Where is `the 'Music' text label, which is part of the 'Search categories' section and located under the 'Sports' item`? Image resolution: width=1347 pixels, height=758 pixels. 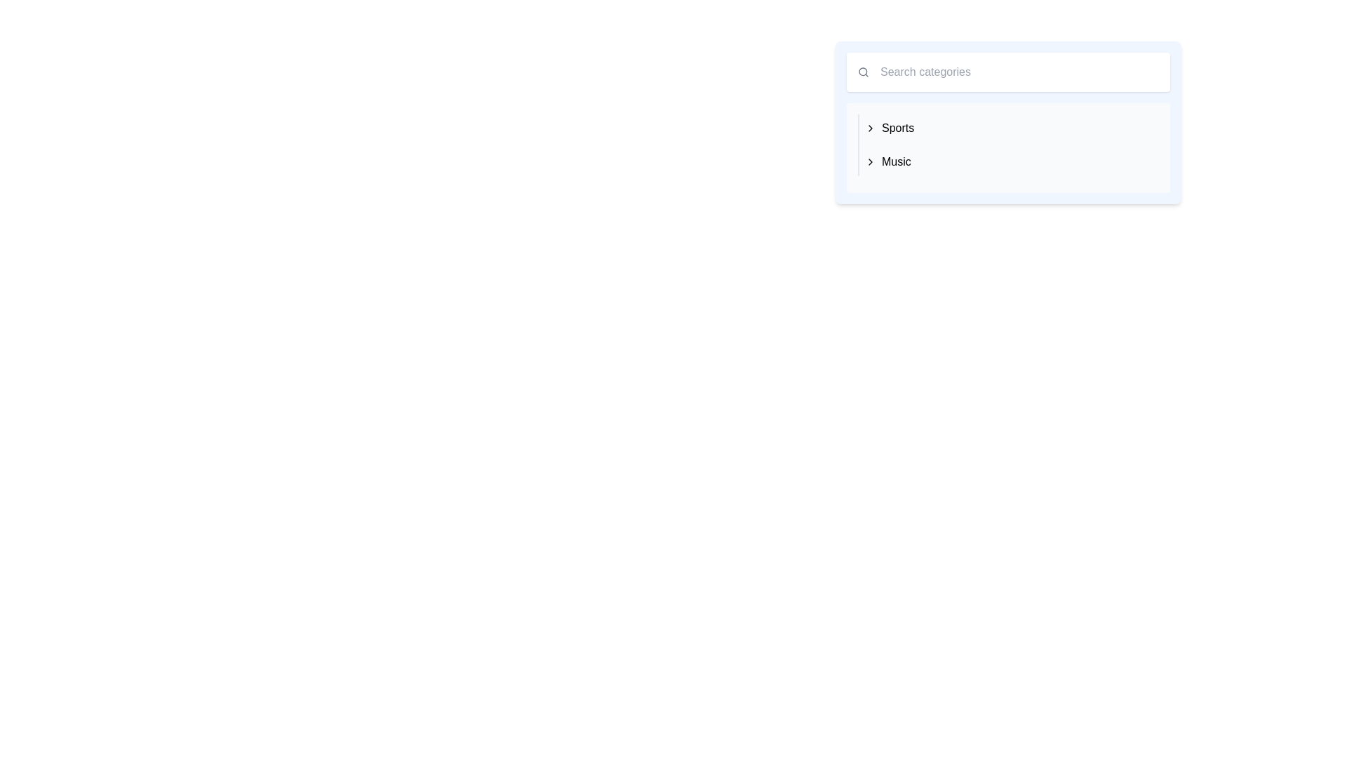
the 'Music' text label, which is part of the 'Search categories' section and located under the 'Sports' item is located at coordinates (895, 161).